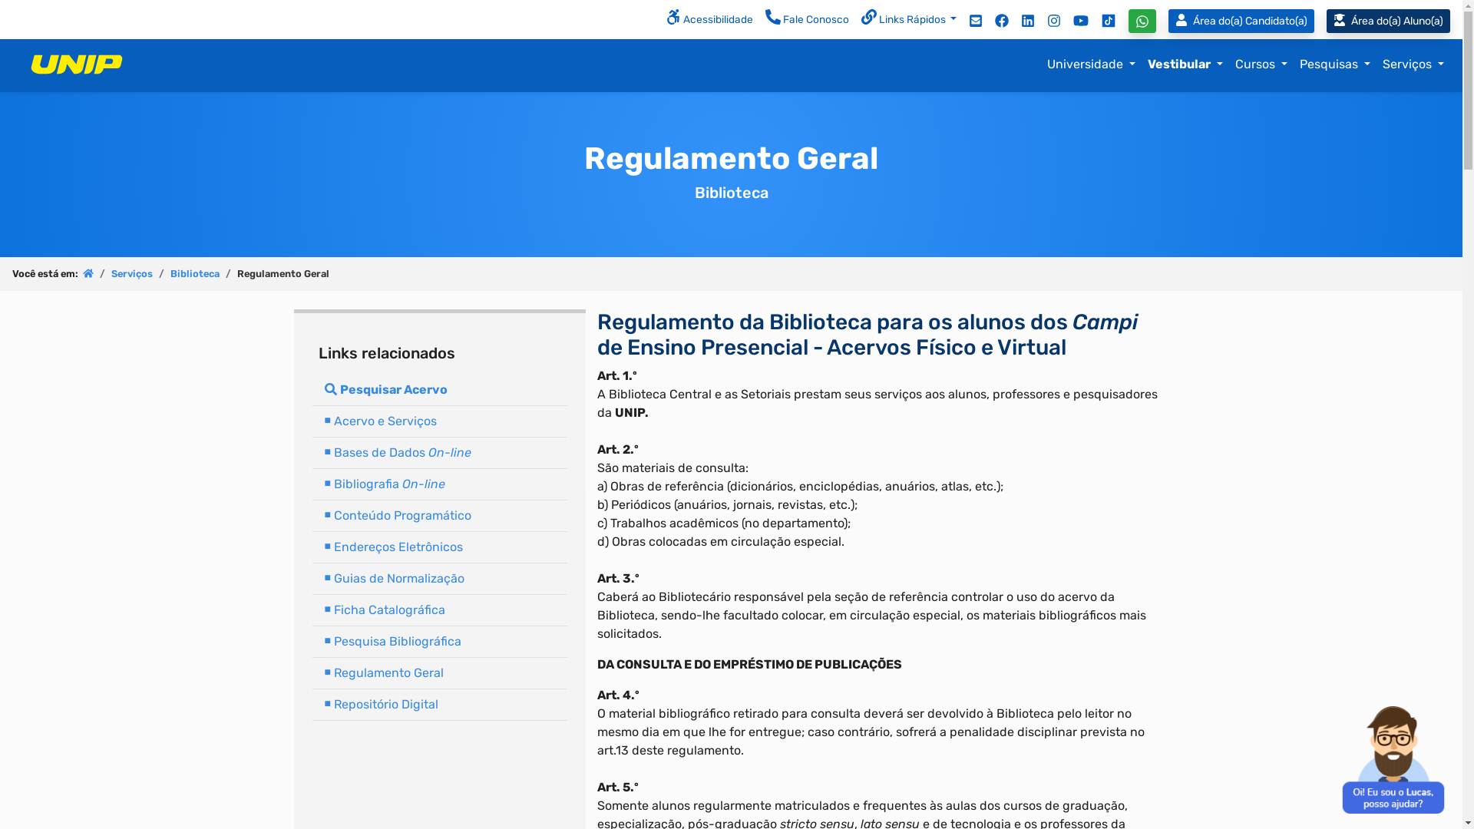 This screenshot has height=829, width=1474. What do you see at coordinates (988, 20) in the screenshot?
I see `'Siga a UNIP no Facebook'` at bounding box center [988, 20].